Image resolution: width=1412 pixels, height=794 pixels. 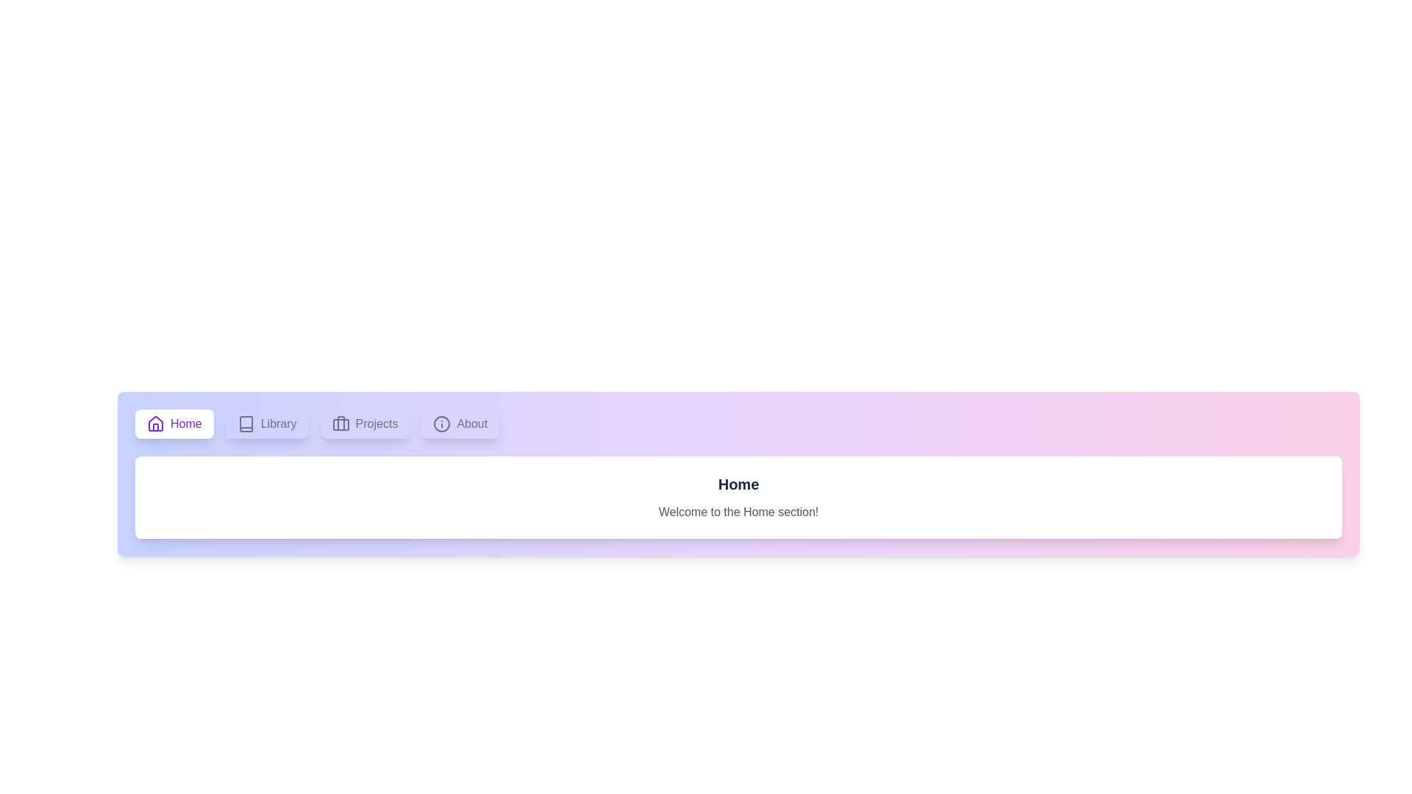 I want to click on the tab labeled About, so click(x=459, y=424).